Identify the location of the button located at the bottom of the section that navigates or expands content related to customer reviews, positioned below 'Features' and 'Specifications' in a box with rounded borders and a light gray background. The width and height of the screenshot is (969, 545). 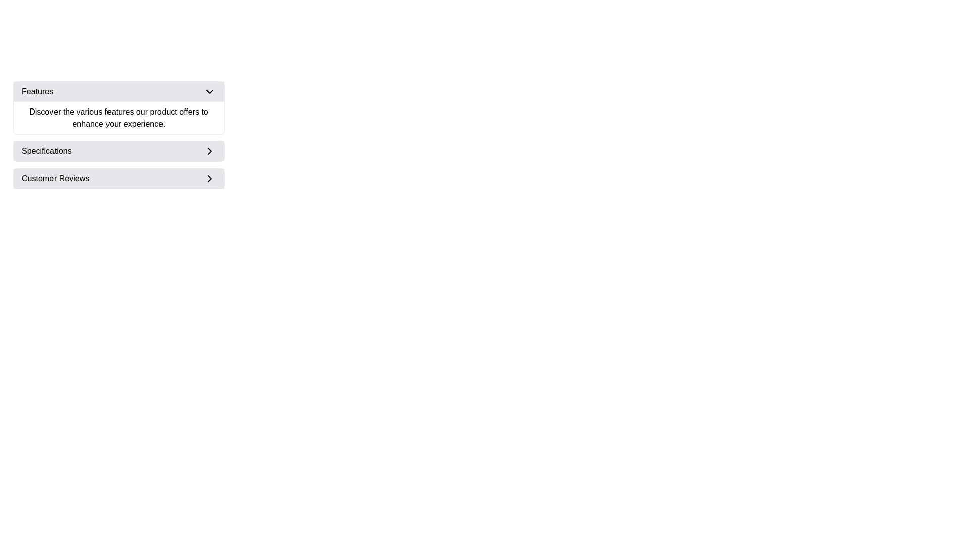
(119, 178).